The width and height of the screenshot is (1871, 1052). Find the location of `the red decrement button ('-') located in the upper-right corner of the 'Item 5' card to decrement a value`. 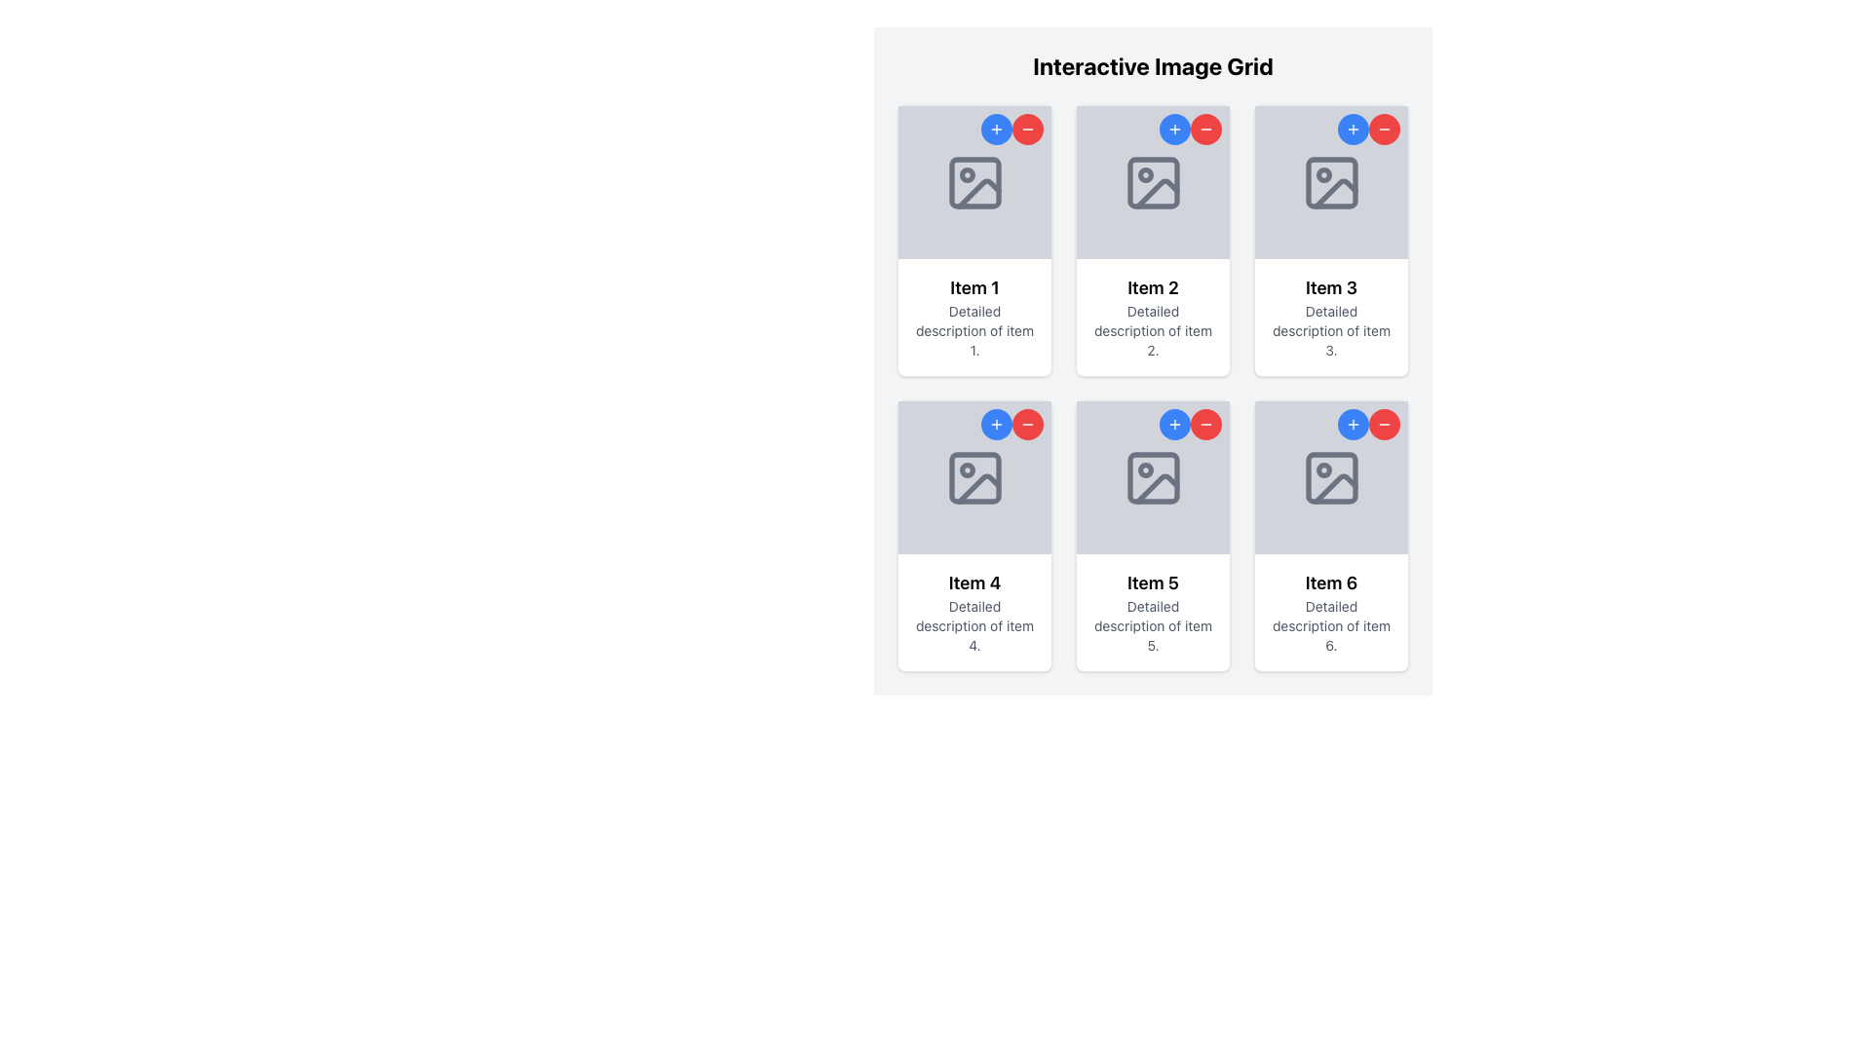

the red decrement button ('-') located in the upper-right corner of the 'Item 5' card to decrement a value is located at coordinates (1190, 423).